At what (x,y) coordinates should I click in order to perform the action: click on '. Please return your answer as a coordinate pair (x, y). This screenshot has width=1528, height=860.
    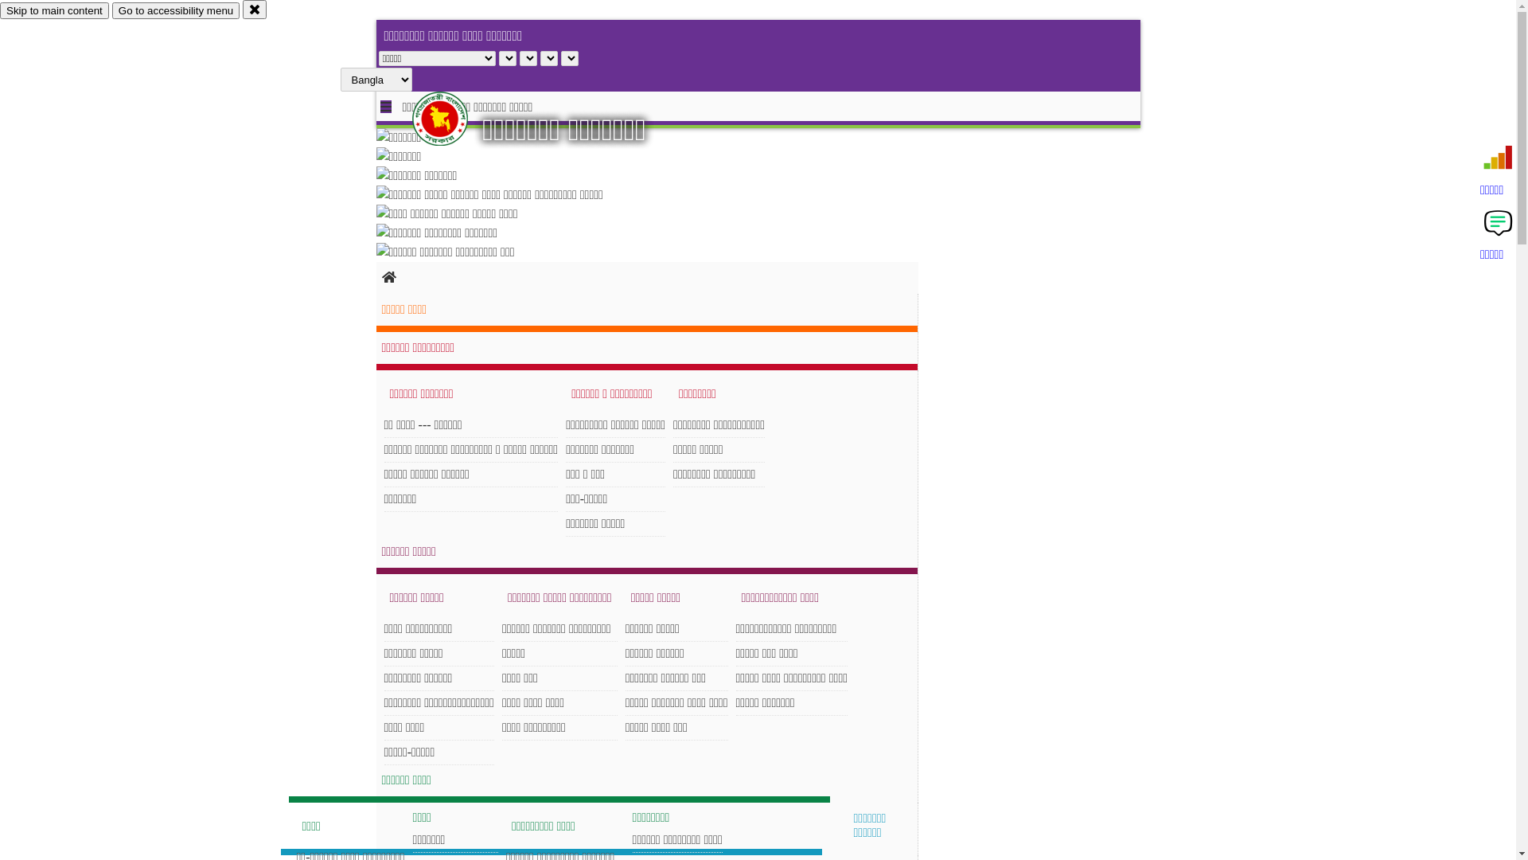
    Looking at the image, I should click on (453, 118).